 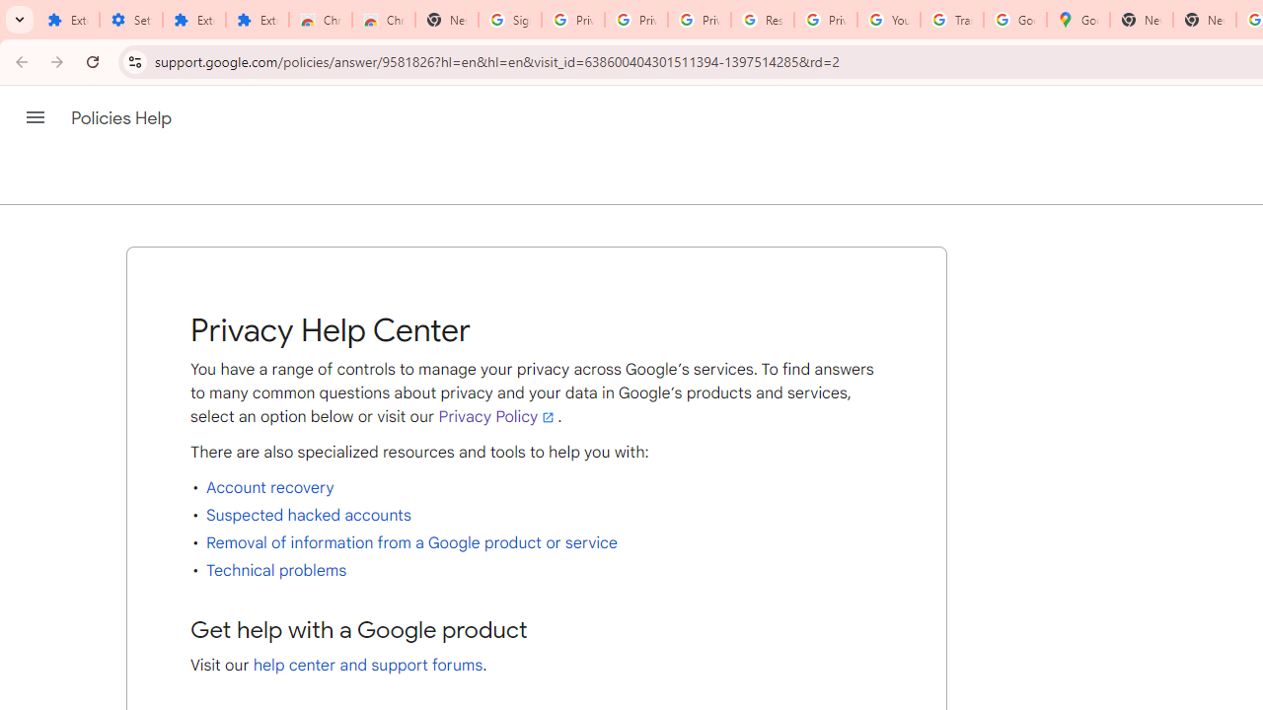 I want to click on 'Google Maps', so click(x=1077, y=20).